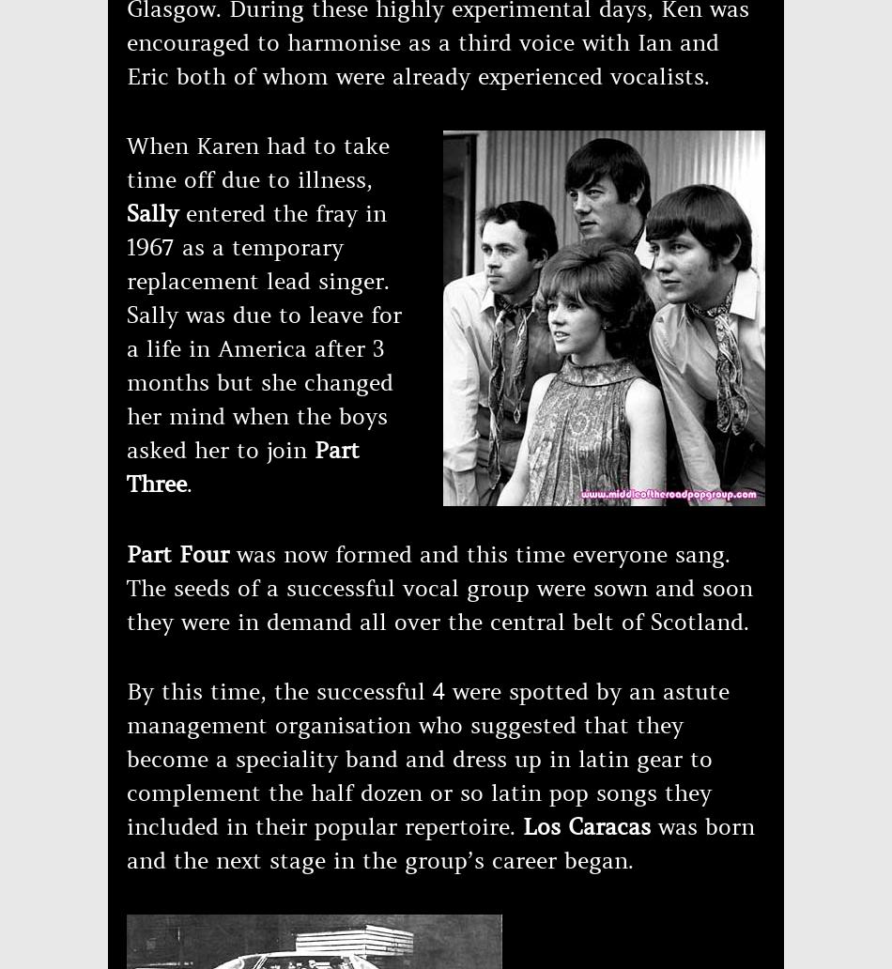  I want to click on 'When Karen had to take time off due to illness,', so click(257, 162).